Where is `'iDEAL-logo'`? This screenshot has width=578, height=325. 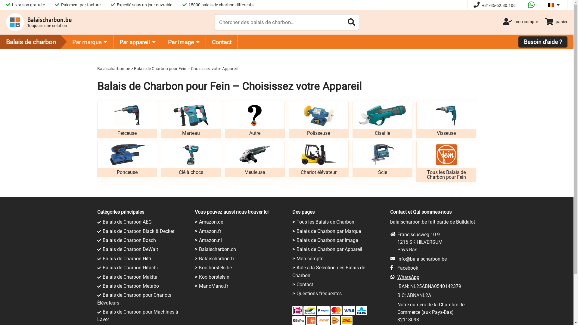 'iDEAL-logo' is located at coordinates (297, 311).